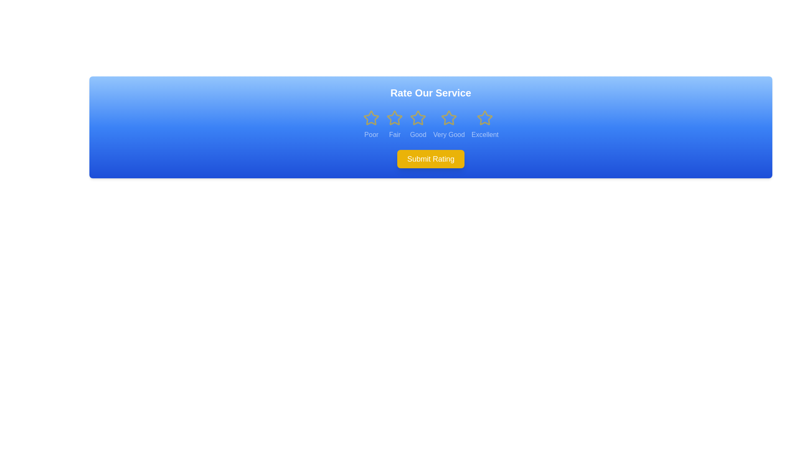  Describe the element at coordinates (431, 159) in the screenshot. I see `the 'Submit Rating' button with a bright yellow background to visualize its color transition effect` at that location.